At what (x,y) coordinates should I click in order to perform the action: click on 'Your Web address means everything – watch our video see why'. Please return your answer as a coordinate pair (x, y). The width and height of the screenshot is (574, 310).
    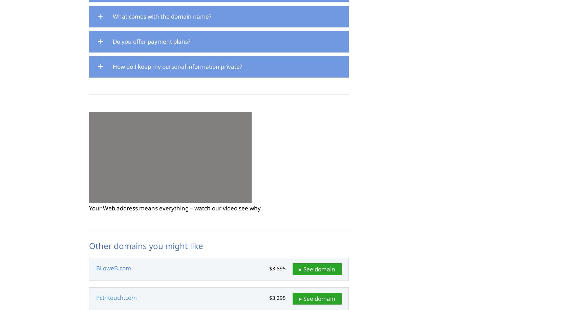
    Looking at the image, I should click on (174, 208).